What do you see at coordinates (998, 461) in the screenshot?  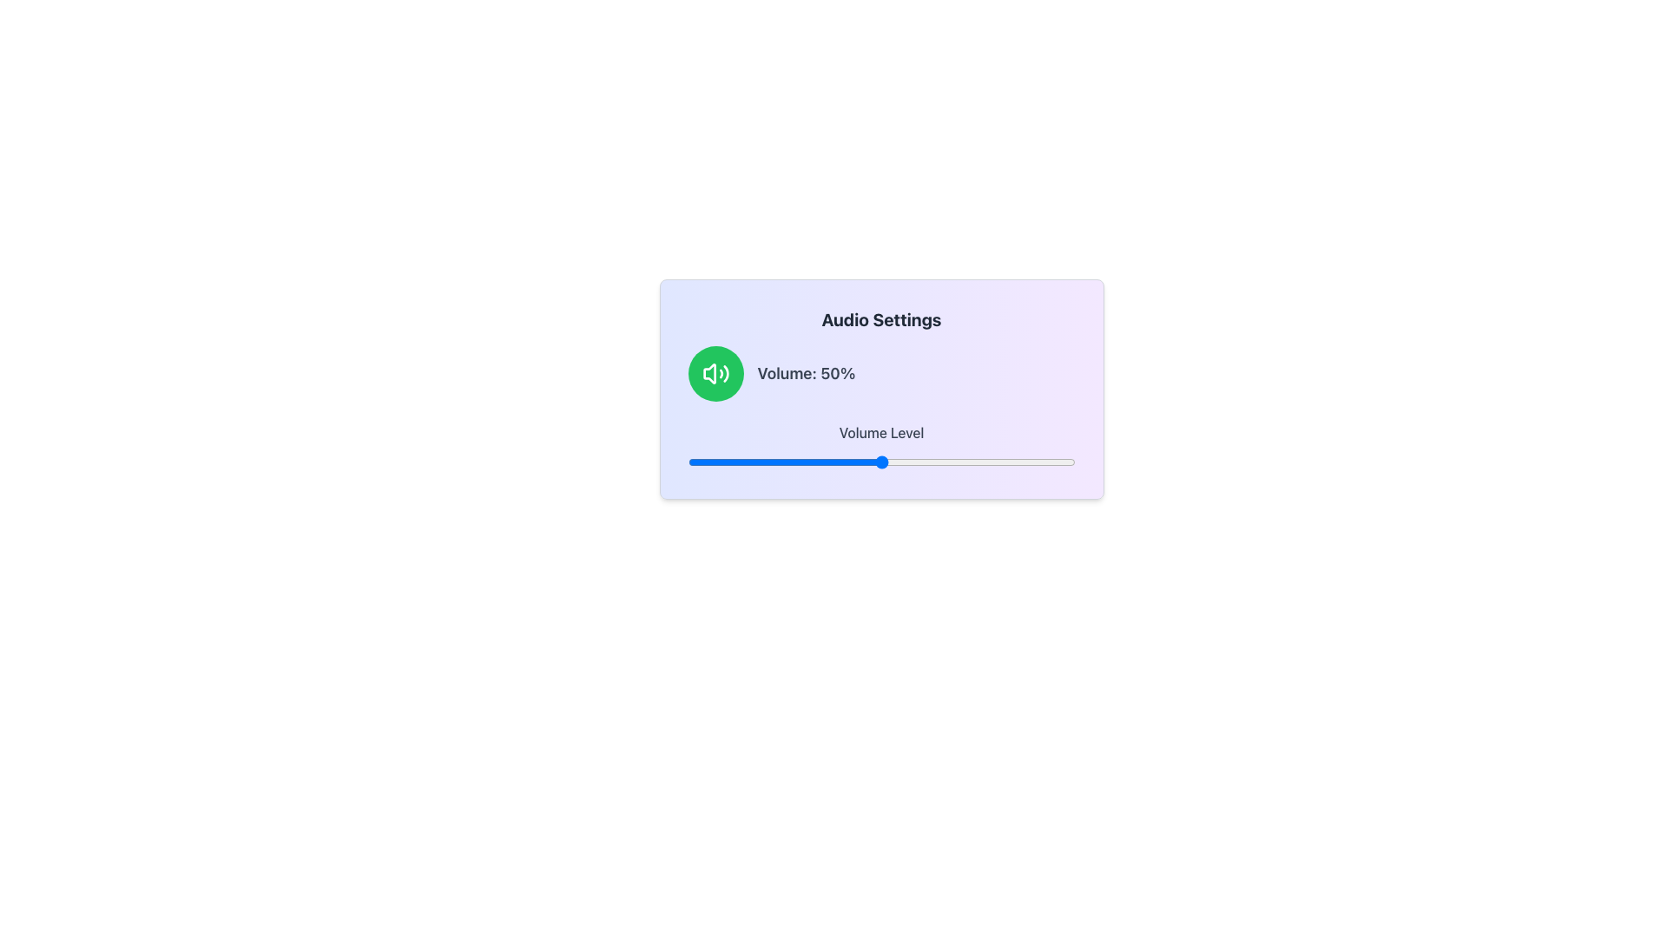 I see `volume level` at bounding box center [998, 461].